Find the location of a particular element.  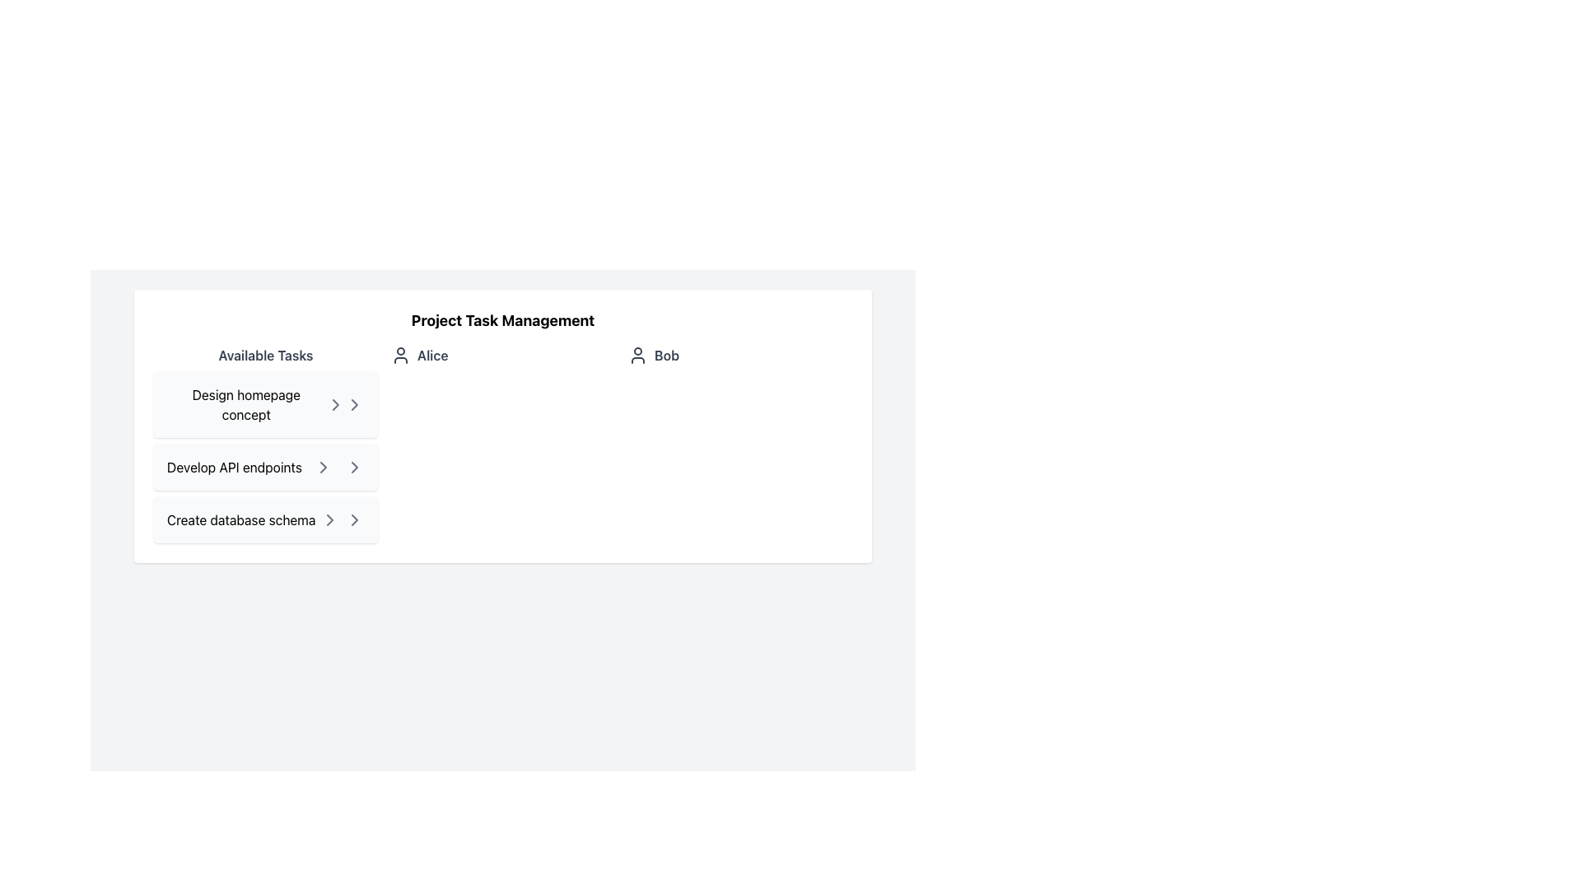

the task item labeled 'Design homepage concept' in the 'Available Tasks' section to emphasize it is located at coordinates (265, 444).